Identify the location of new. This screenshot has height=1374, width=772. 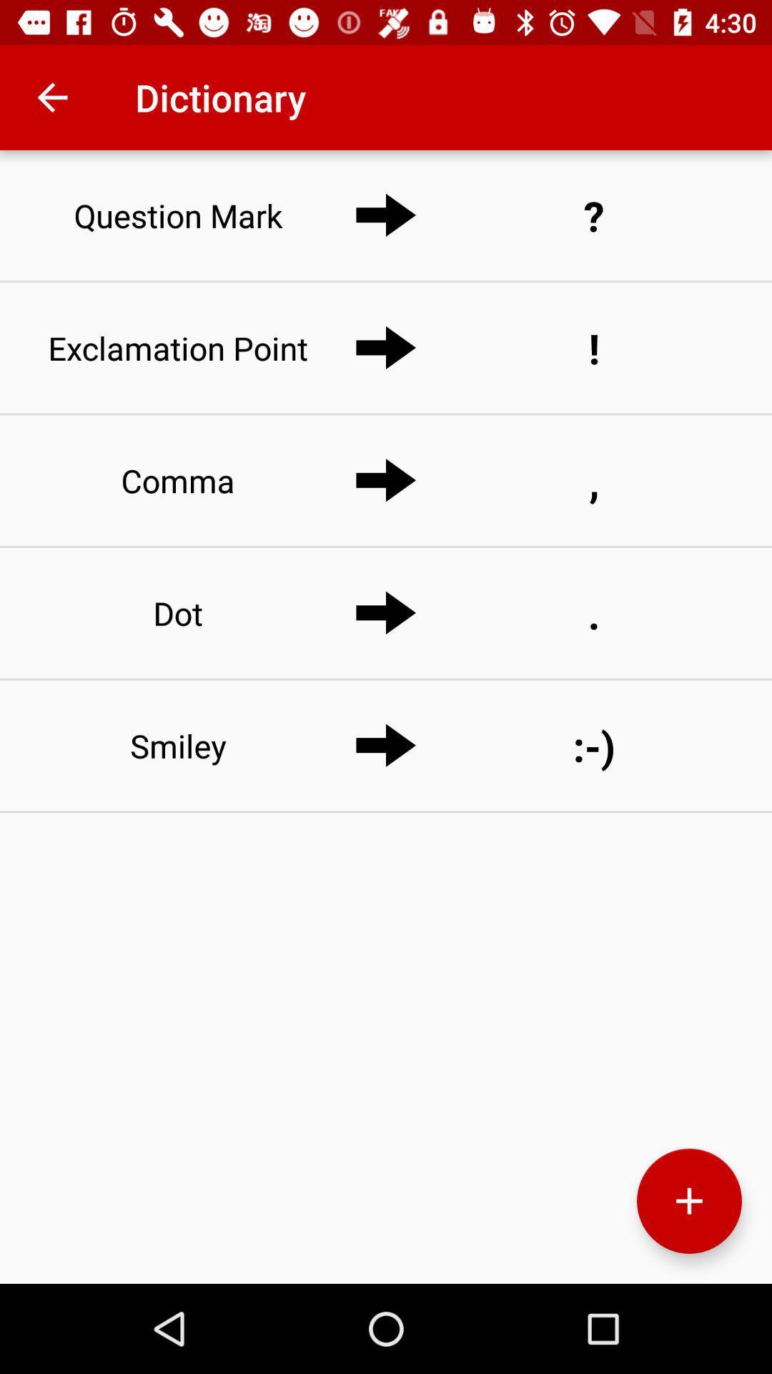
(688, 1201).